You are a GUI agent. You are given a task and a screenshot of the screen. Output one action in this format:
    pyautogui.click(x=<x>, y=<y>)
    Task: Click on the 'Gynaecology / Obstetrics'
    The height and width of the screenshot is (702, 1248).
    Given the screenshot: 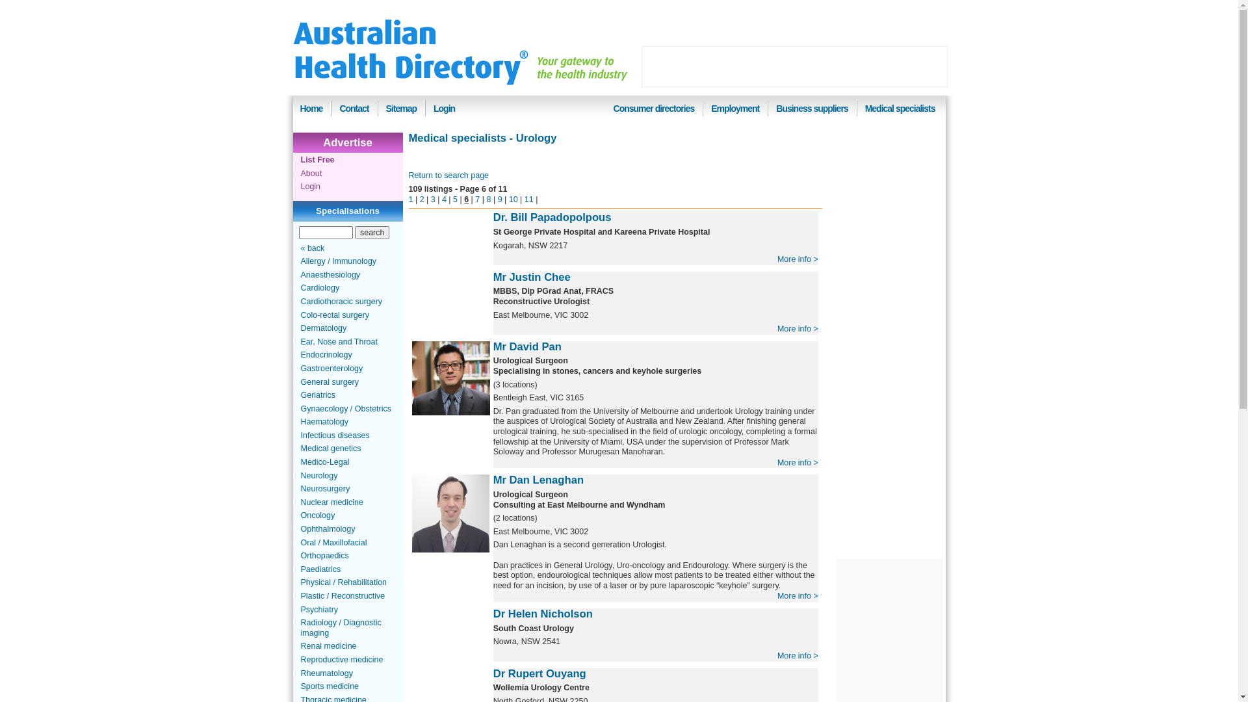 What is the action you would take?
    pyautogui.click(x=345, y=408)
    